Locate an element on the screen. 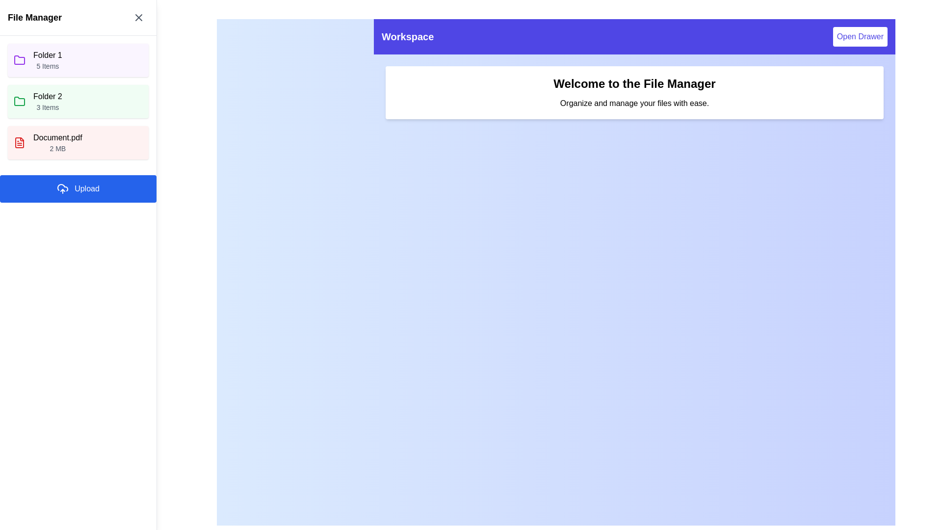 Image resolution: width=942 pixels, height=530 pixels. the SVG-based folder icon with a purple outline, located adjacent to the label 'Folder 1' in the sidebar is located at coordinates (19, 60).